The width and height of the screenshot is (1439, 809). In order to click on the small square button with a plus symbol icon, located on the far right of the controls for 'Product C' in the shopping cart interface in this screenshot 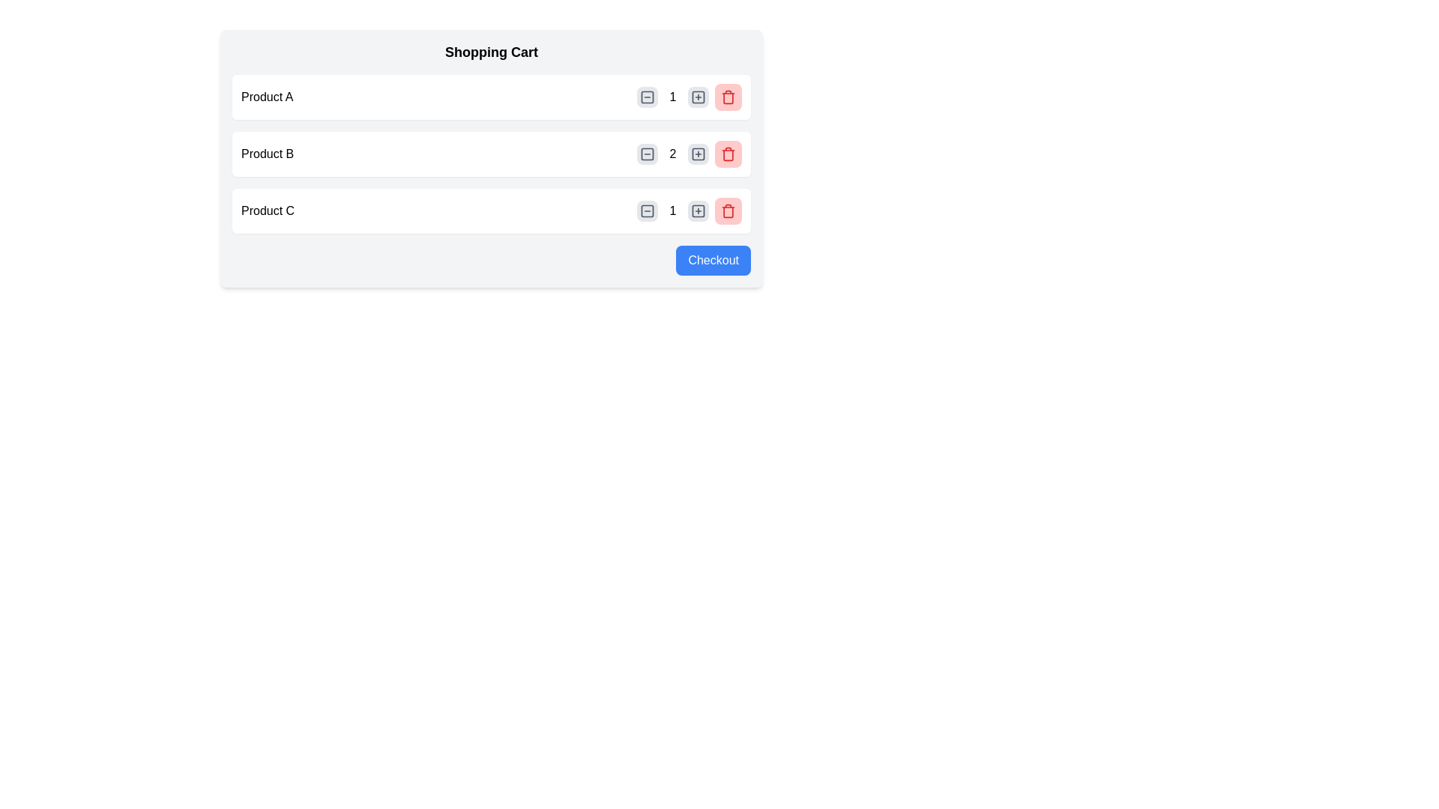, I will do `click(697, 210)`.